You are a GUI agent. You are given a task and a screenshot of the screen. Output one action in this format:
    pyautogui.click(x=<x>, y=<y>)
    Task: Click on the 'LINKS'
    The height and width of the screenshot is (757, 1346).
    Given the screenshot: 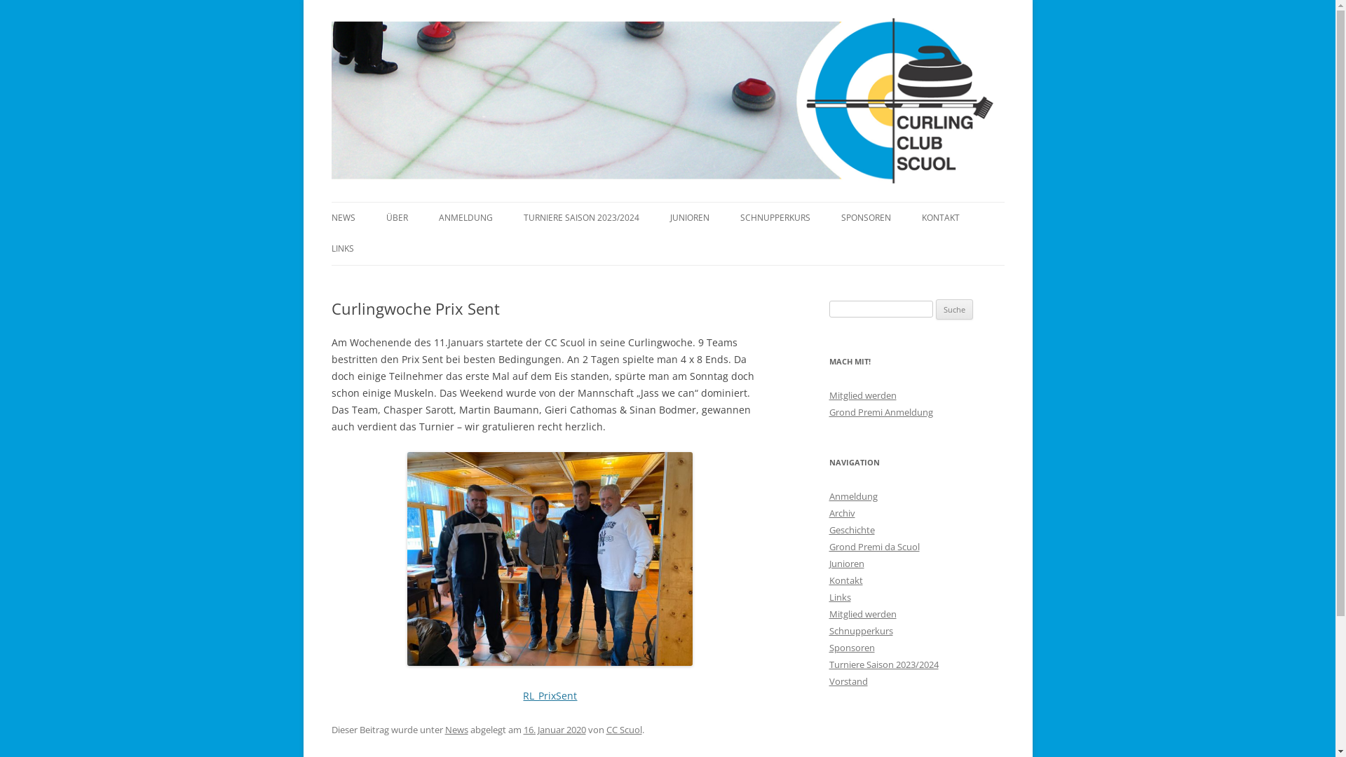 What is the action you would take?
    pyautogui.click(x=342, y=247)
    